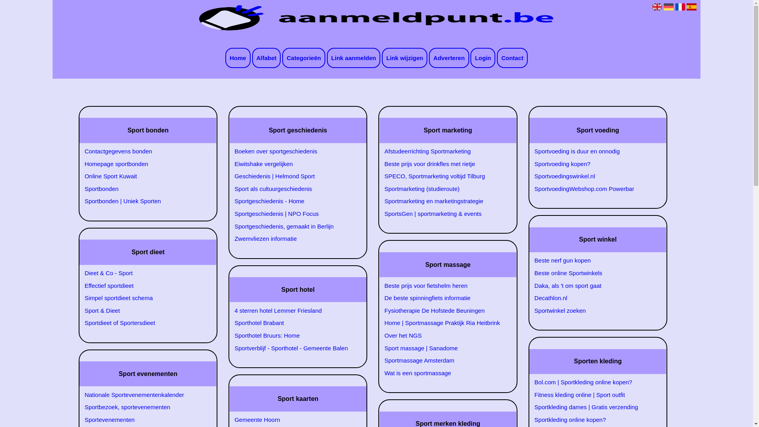 The width and height of the screenshot is (759, 427). What do you see at coordinates (293, 164) in the screenshot?
I see `'Eiwitshake vergelijken'` at bounding box center [293, 164].